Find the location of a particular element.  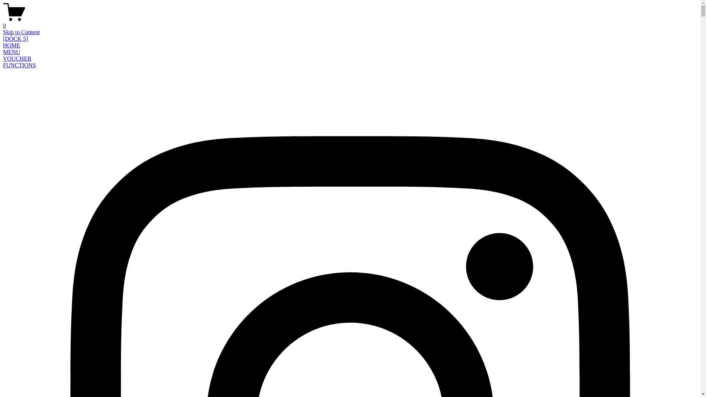

'Skip to Content' is located at coordinates (21, 32).